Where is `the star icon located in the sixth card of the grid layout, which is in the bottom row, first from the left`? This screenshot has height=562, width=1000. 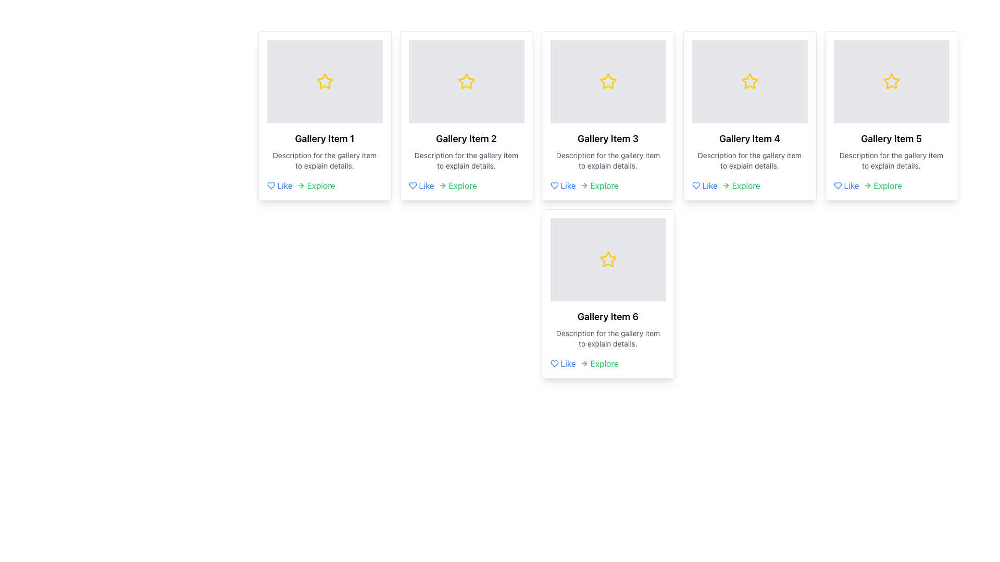
the star icon located in the sixth card of the grid layout, which is in the bottom row, first from the left is located at coordinates (608, 259).